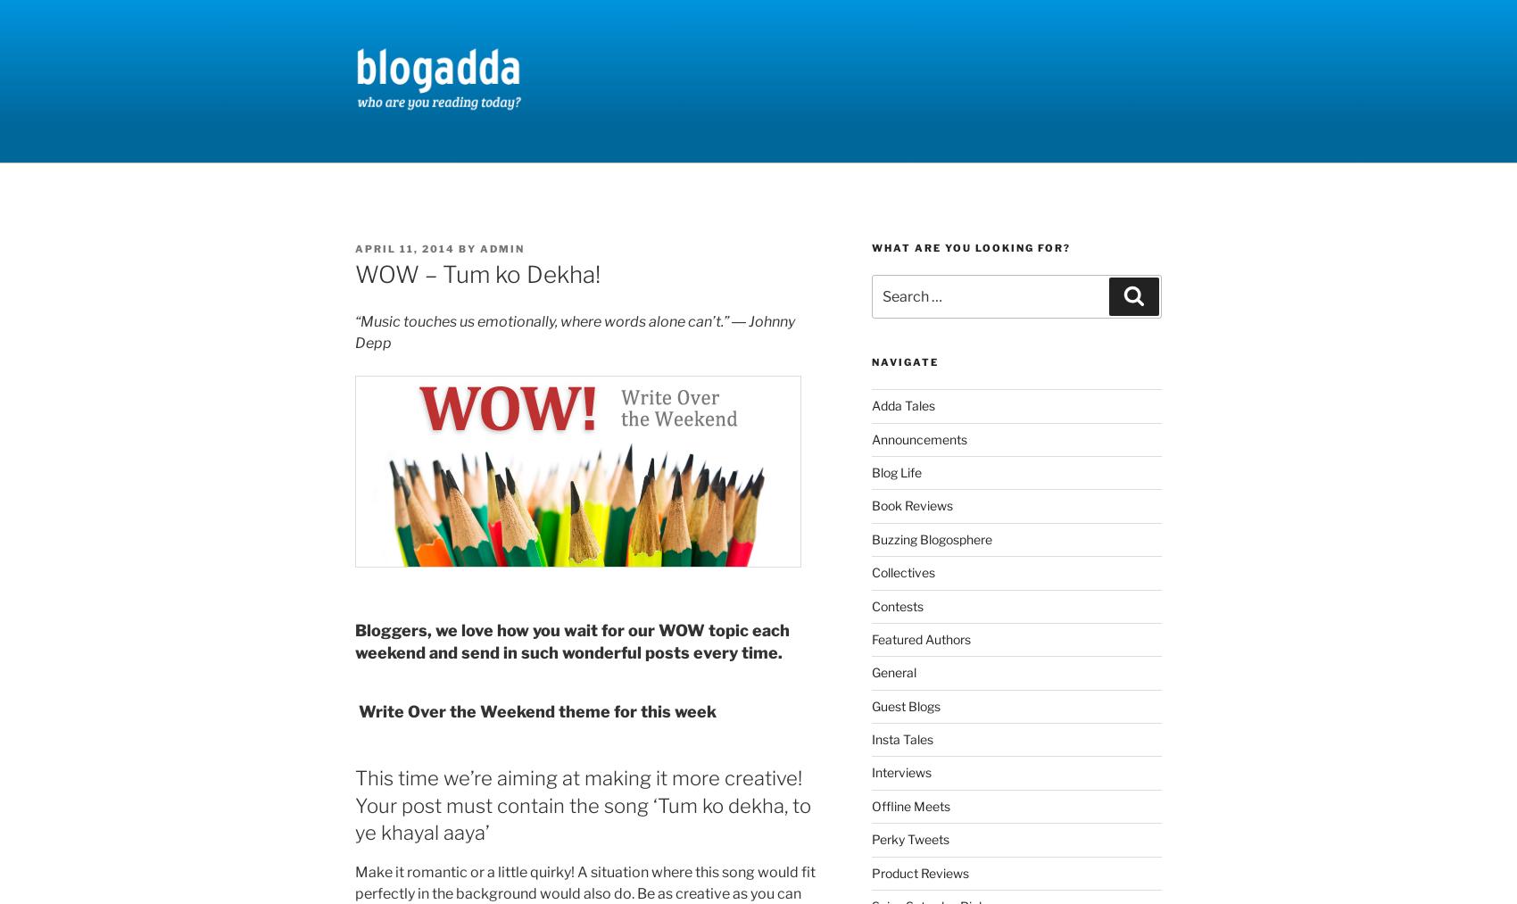 This screenshot has width=1517, height=904. What do you see at coordinates (467, 247) in the screenshot?
I see `'by'` at bounding box center [467, 247].